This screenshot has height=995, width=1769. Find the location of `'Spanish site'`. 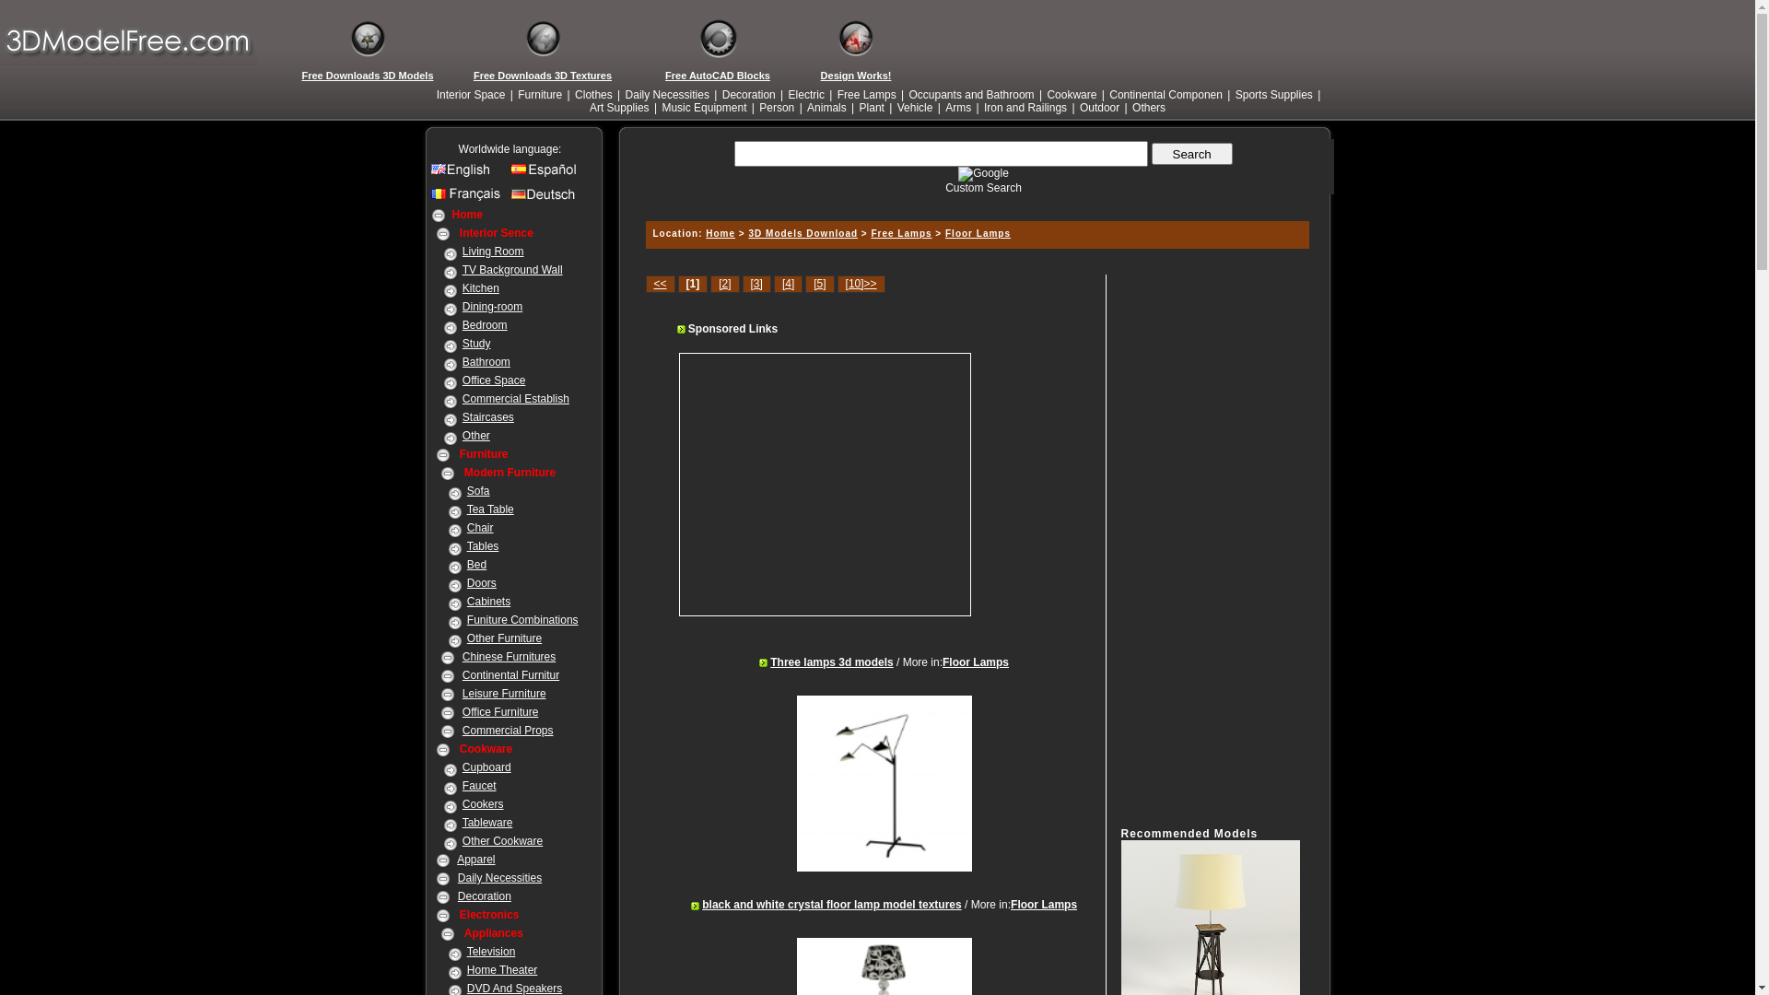

'Spanish site' is located at coordinates (546, 174).